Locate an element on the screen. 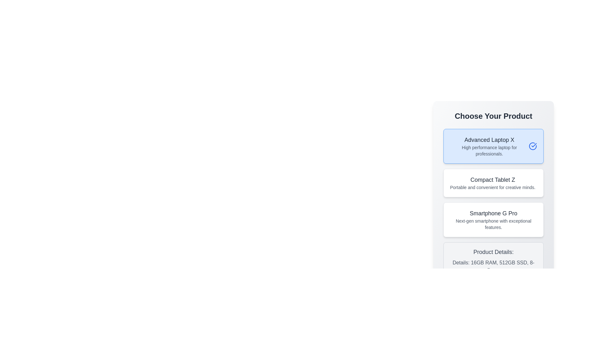 This screenshot has width=609, height=342. the header text label that serves as a title for the product specifications, located above the descriptive text 'Details: 16GB RAM, 512GB SSD, 8-core Processor.' is located at coordinates (493, 251).